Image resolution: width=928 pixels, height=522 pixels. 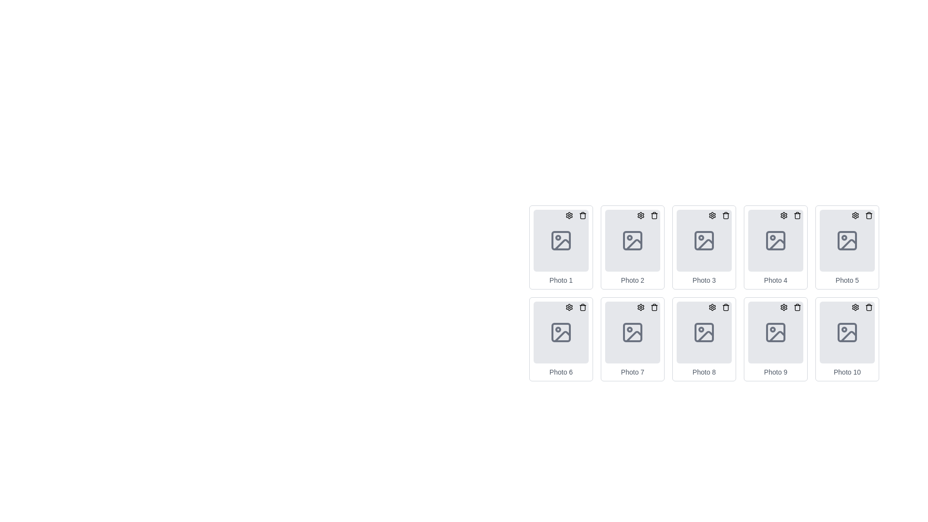 What do you see at coordinates (797, 215) in the screenshot?
I see `the delete button located in the top-right corner of the 'Photo 4' card, which is the second action icon after the settings gear icon` at bounding box center [797, 215].